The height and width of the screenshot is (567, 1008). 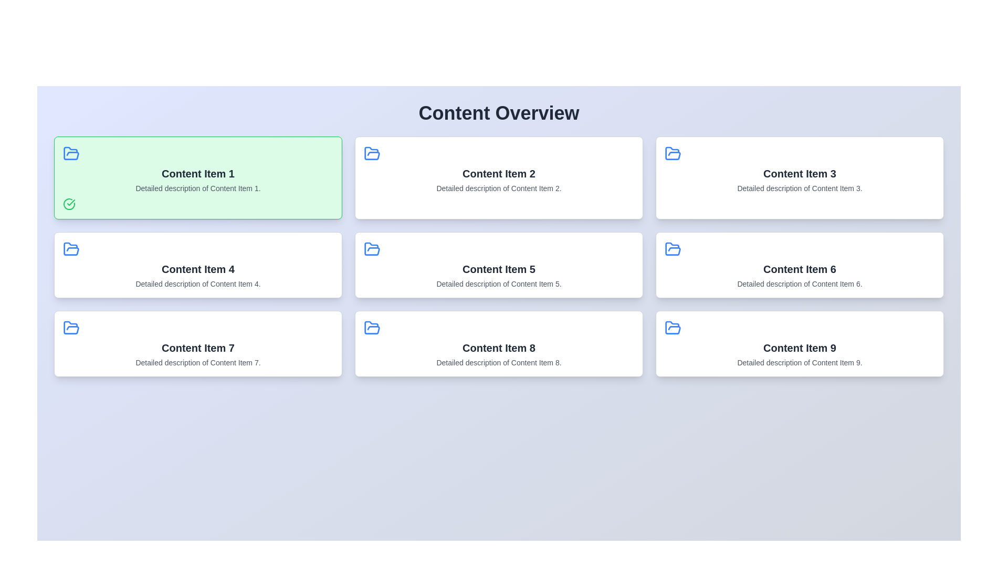 I want to click on to interact with the Card element displaying information about 'Content Item 4' located in the second row of the leftmost column in a three-column grid layout, so click(x=198, y=265).